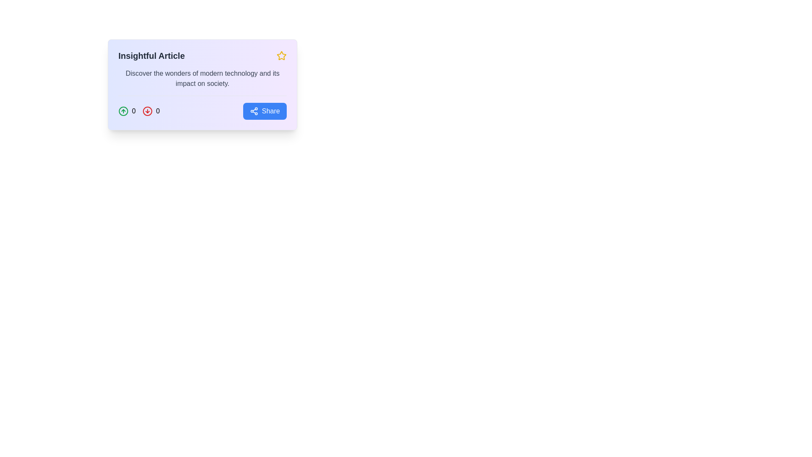 This screenshot has height=457, width=812. Describe the element at coordinates (123, 110) in the screenshot. I see `the upvote icon button located to the left of the numerical value '0' to express approval for the associated content` at that location.